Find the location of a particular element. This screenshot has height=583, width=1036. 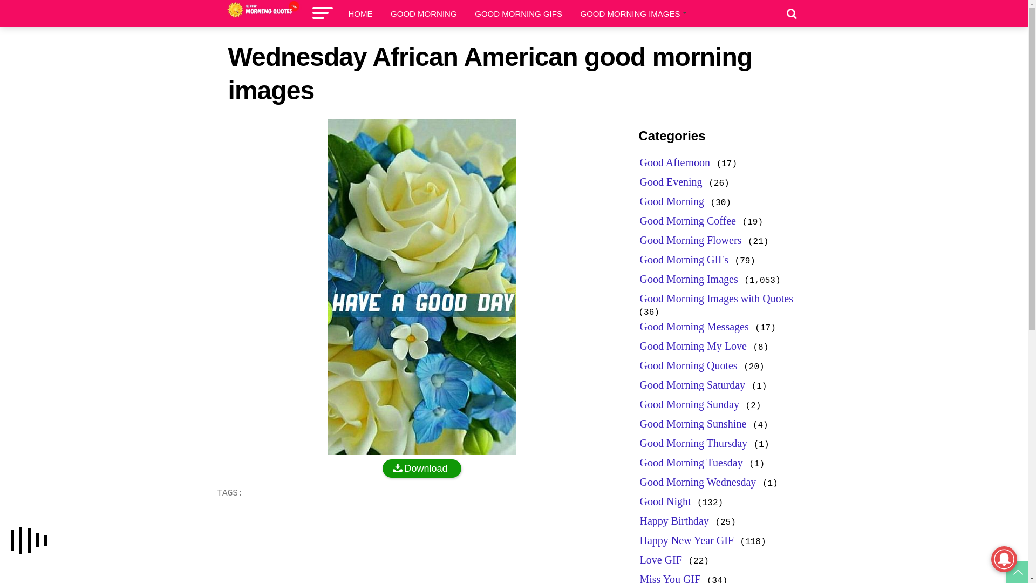

'Good Morning Sunshine' is located at coordinates (693, 423).